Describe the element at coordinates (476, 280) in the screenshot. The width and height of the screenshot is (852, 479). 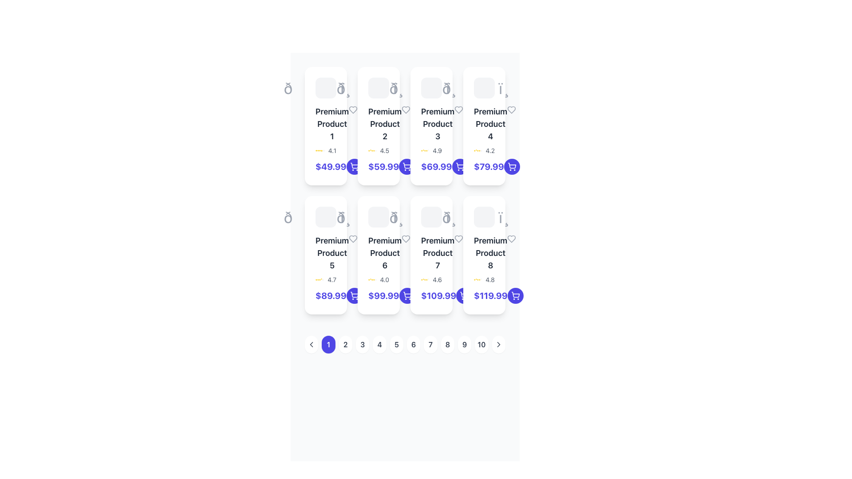
I see `the second star icon in the star rating section of the 'Premium Product 8' product card located in the bottom-right corner of the product grid` at that location.